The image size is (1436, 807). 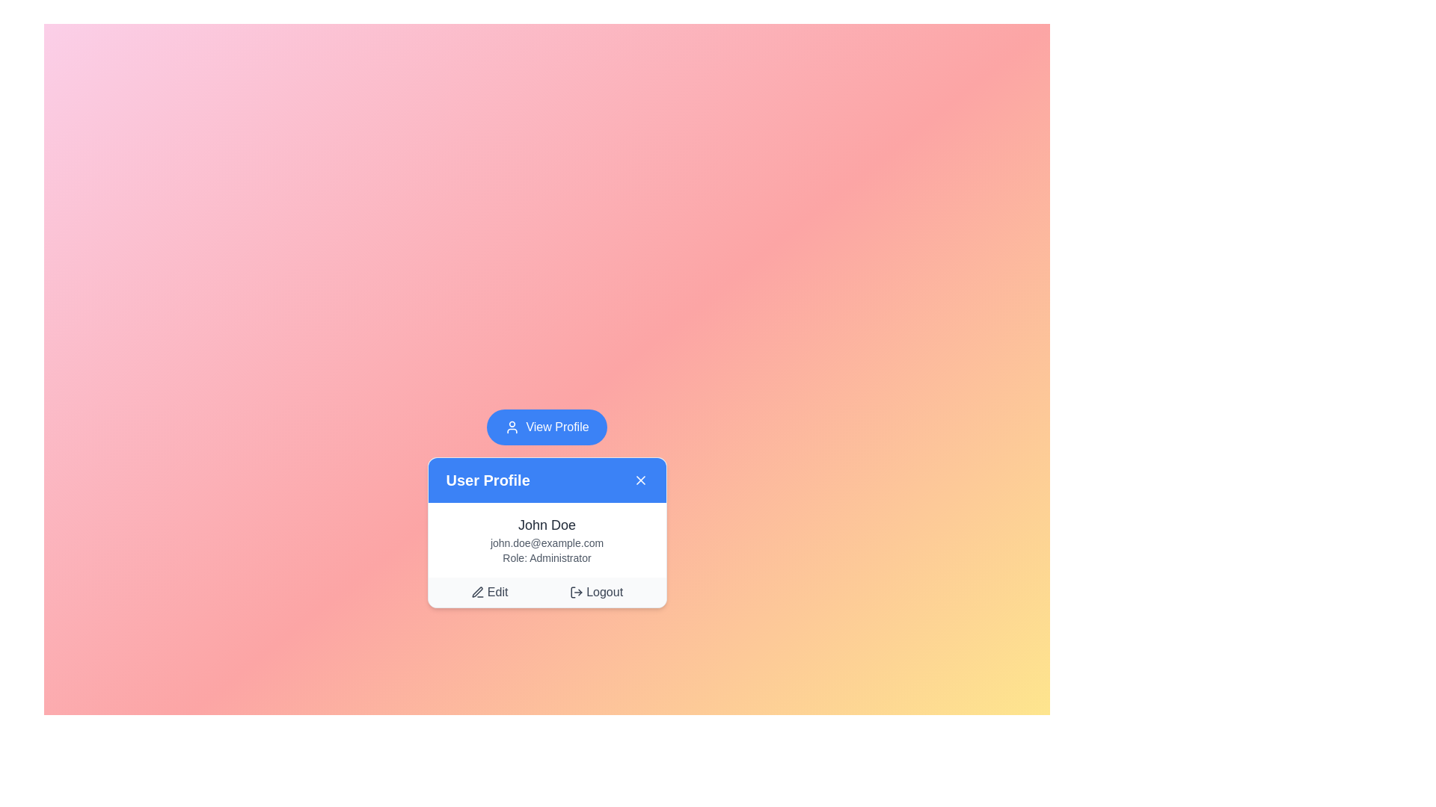 I want to click on the static text label that serves as the title of the user profile card, located in the header section and aligned with the close button, so click(x=488, y=480).